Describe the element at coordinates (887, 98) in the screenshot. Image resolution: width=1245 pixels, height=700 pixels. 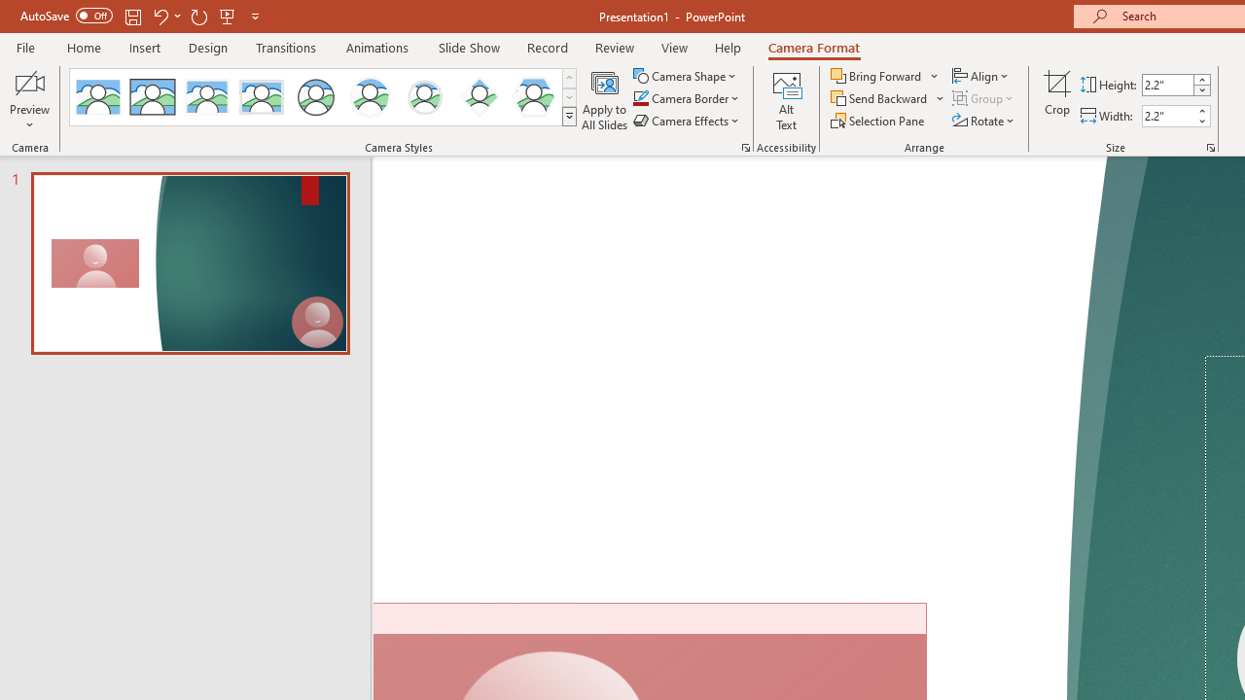
I see `'Send Backward'` at that location.